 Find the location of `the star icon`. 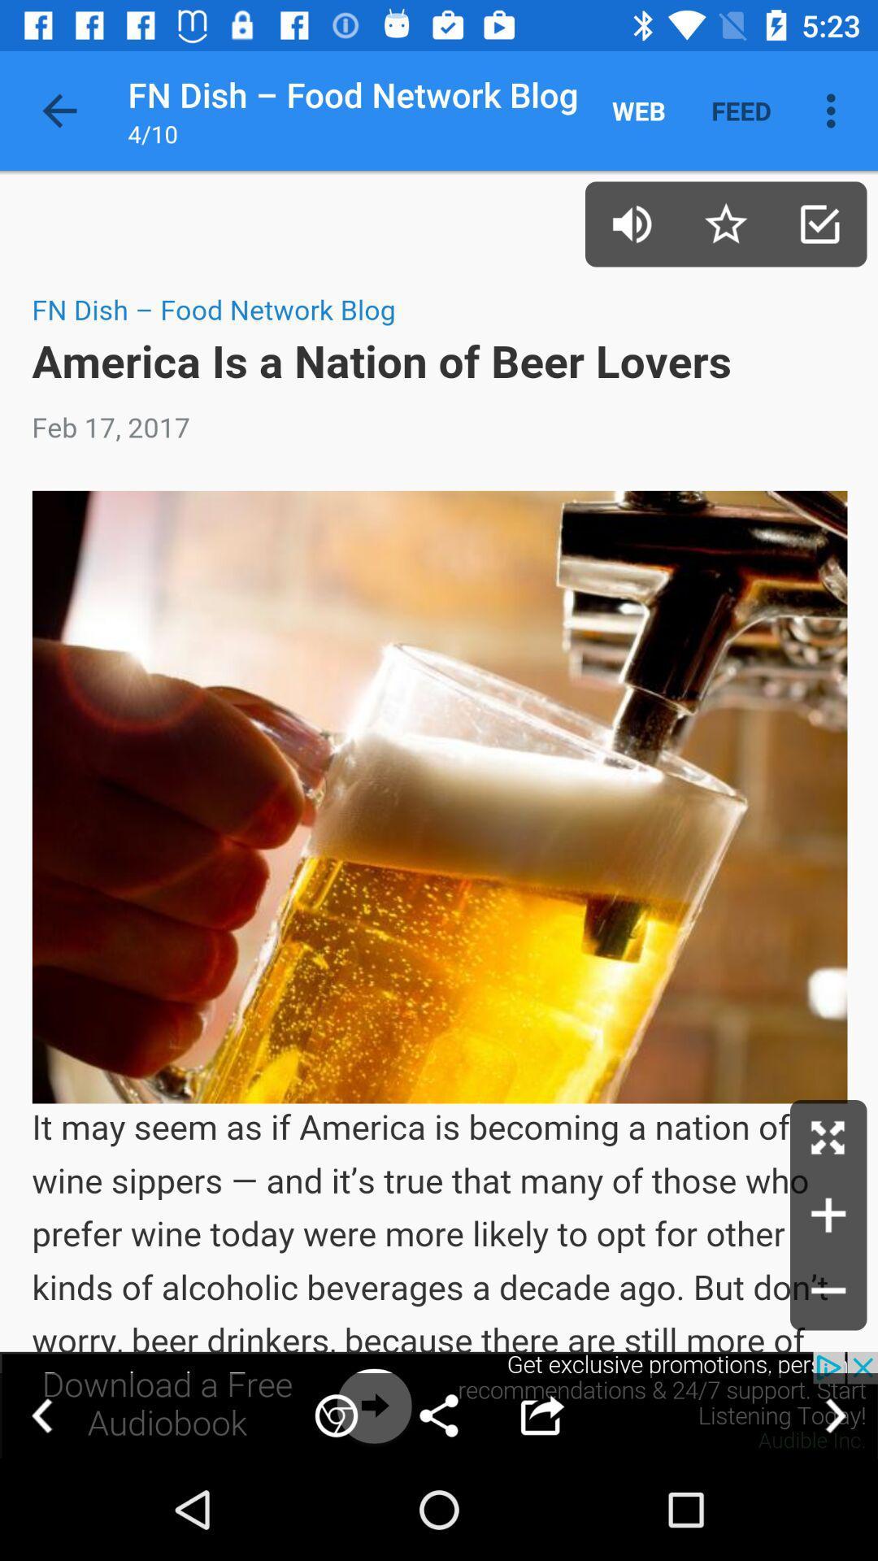

the star icon is located at coordinates (725, 223).